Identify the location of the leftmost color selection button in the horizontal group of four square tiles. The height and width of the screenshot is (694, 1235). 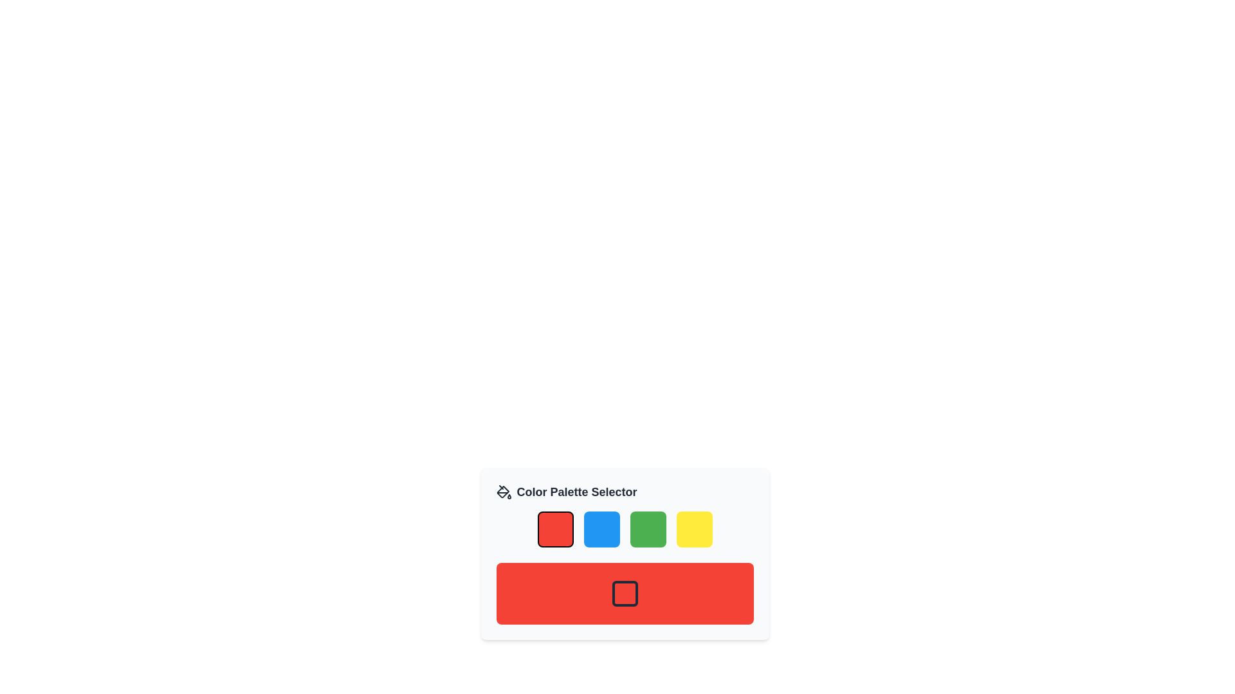
(555, 529).